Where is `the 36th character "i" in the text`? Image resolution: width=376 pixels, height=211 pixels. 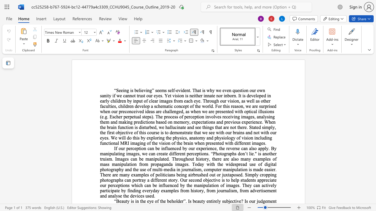 the 36th character "i" in the text is located at coordinates (130, 143).